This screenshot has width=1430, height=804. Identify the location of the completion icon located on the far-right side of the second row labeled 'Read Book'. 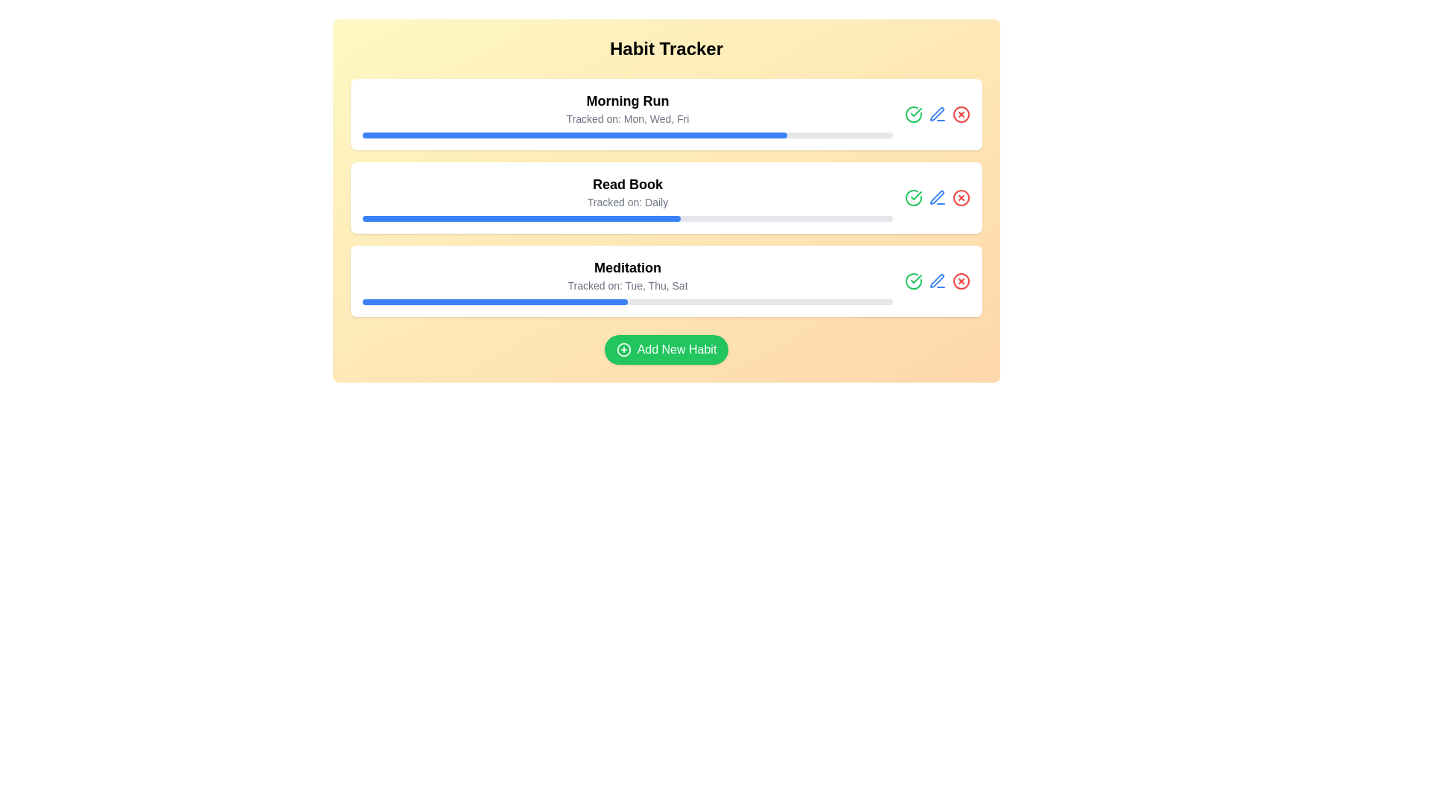
(915, 194).